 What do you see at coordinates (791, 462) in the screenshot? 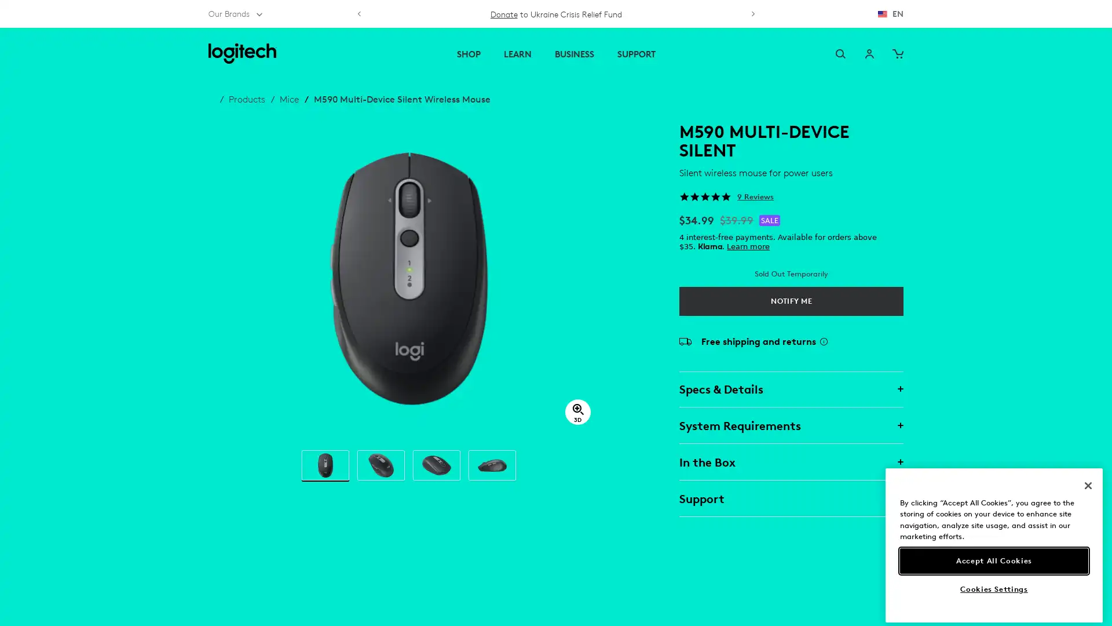
I see `In the Box` at bounding box center [791, 462].